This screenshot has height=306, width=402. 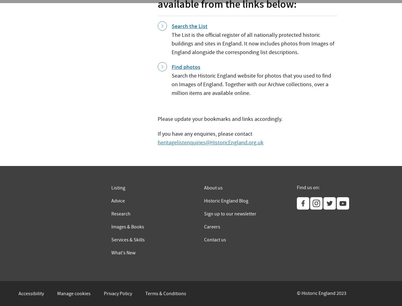 I want to click on 'Images & Books', so click(x=111, y=226).